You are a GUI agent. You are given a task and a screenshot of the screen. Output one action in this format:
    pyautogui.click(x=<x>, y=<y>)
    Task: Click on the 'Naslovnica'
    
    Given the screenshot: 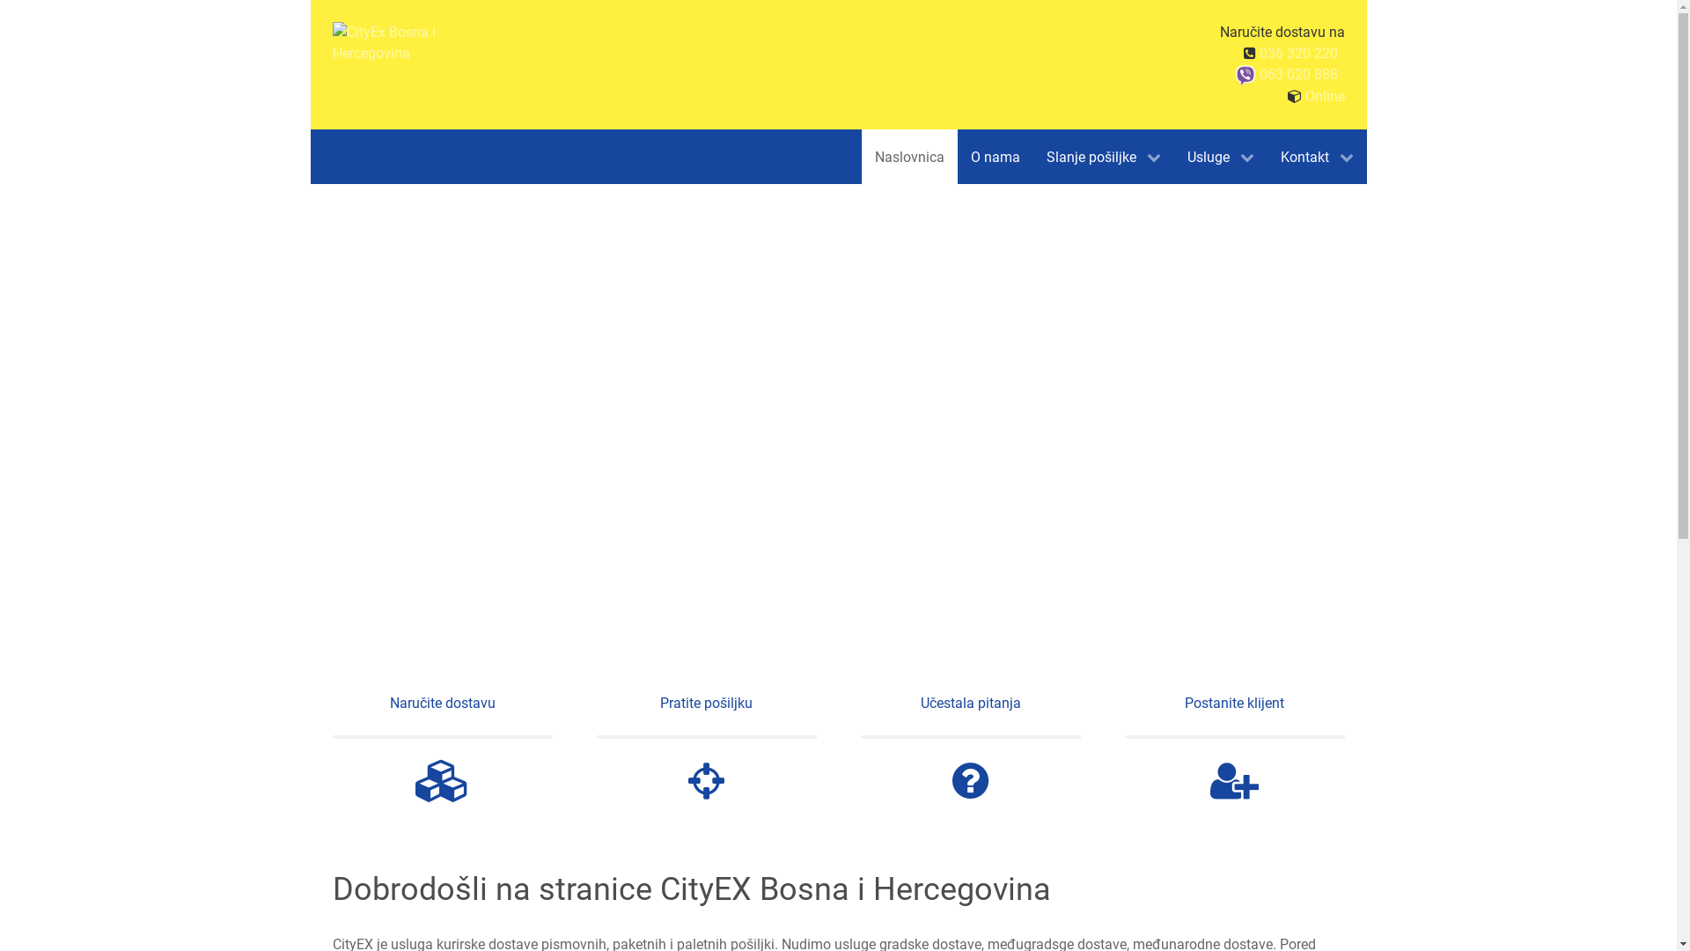 What is the action you would take?
    pyautogui.click(x=908, y=155)
    